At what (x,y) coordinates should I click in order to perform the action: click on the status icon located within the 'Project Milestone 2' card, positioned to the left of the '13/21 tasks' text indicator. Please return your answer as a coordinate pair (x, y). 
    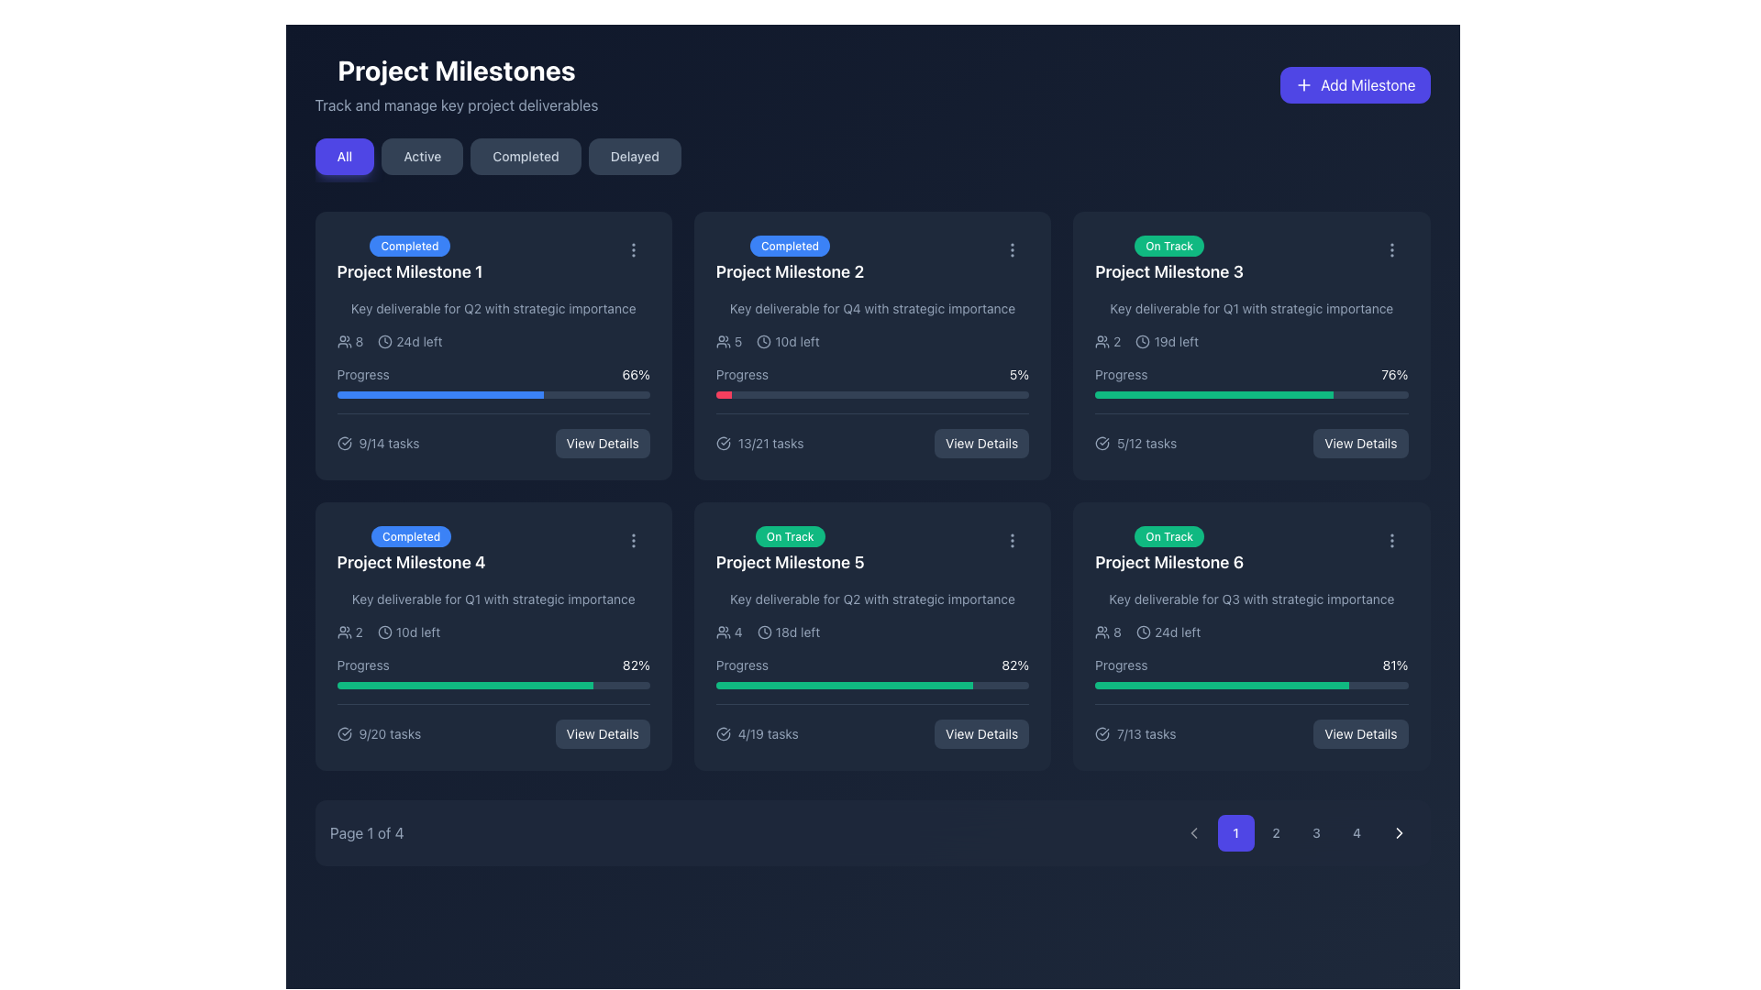
    Looking at the image, I should click on (722, 443).